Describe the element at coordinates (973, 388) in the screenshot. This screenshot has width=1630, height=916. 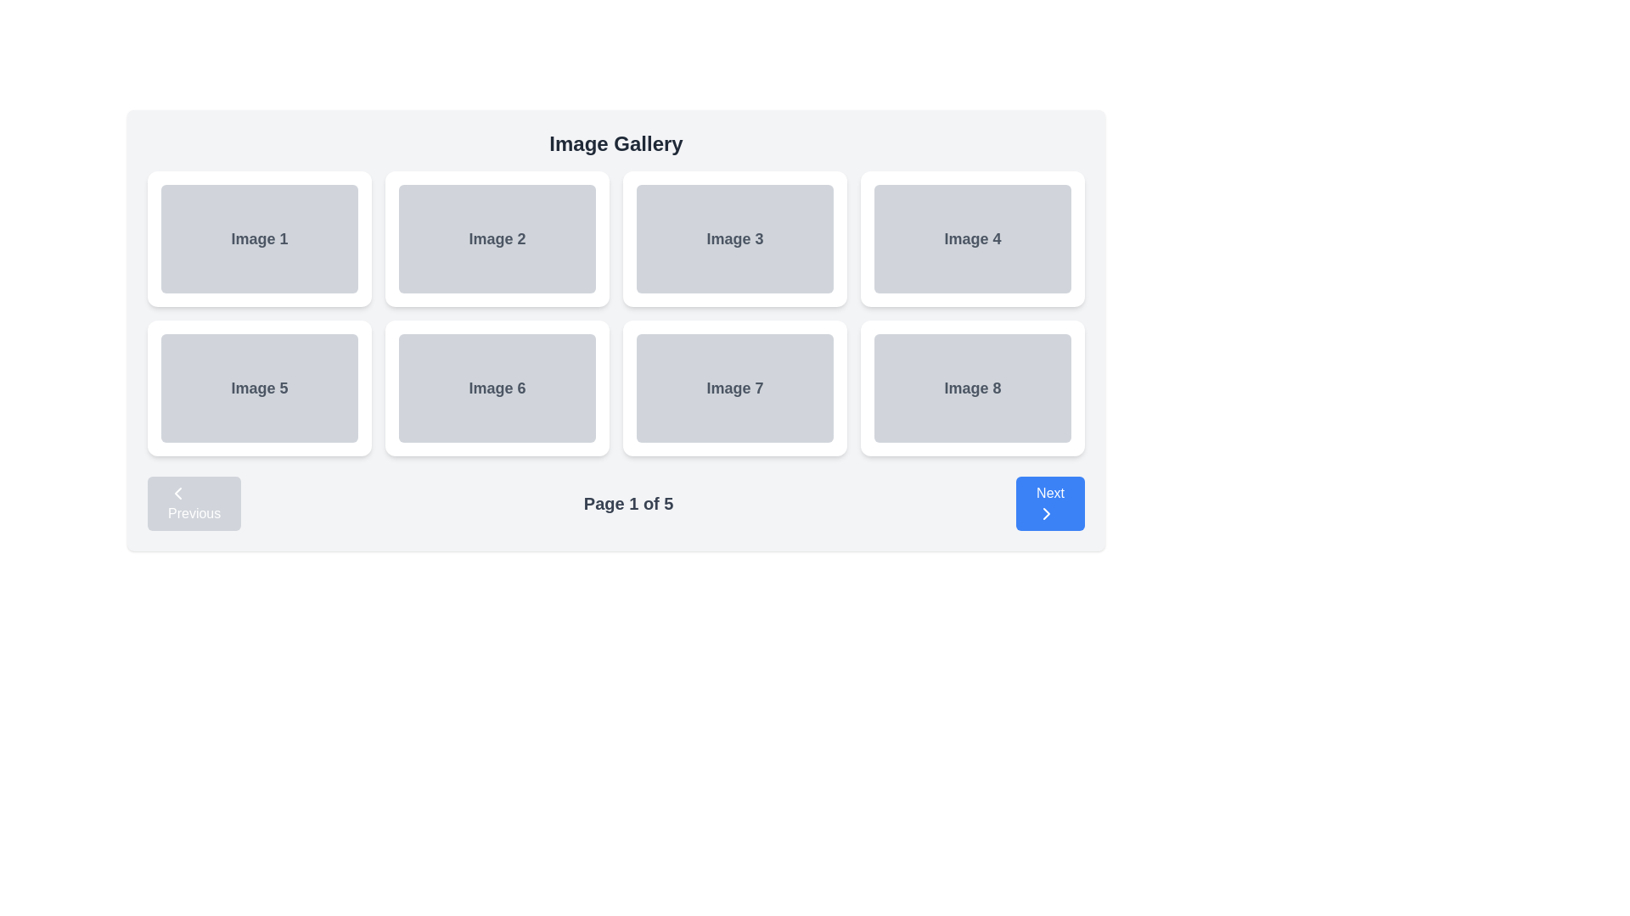
I see `the Gallery tile located in the second row and fourth column of the image gallery interface` at that location.